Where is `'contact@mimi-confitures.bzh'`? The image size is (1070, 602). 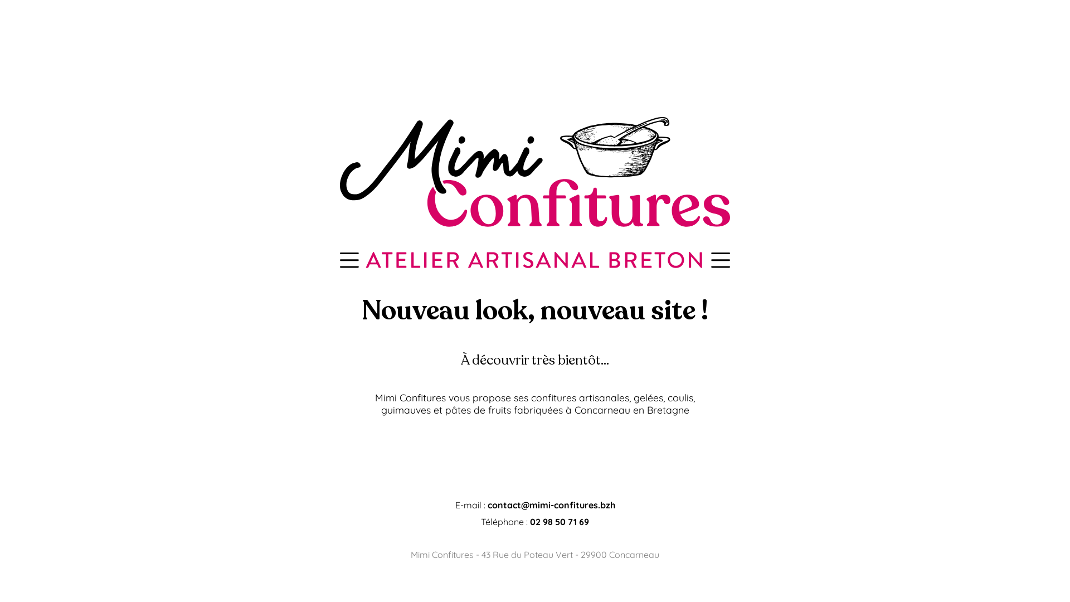
'contact@mimi-confitures.bzh' is located at coordinates (487, 505).